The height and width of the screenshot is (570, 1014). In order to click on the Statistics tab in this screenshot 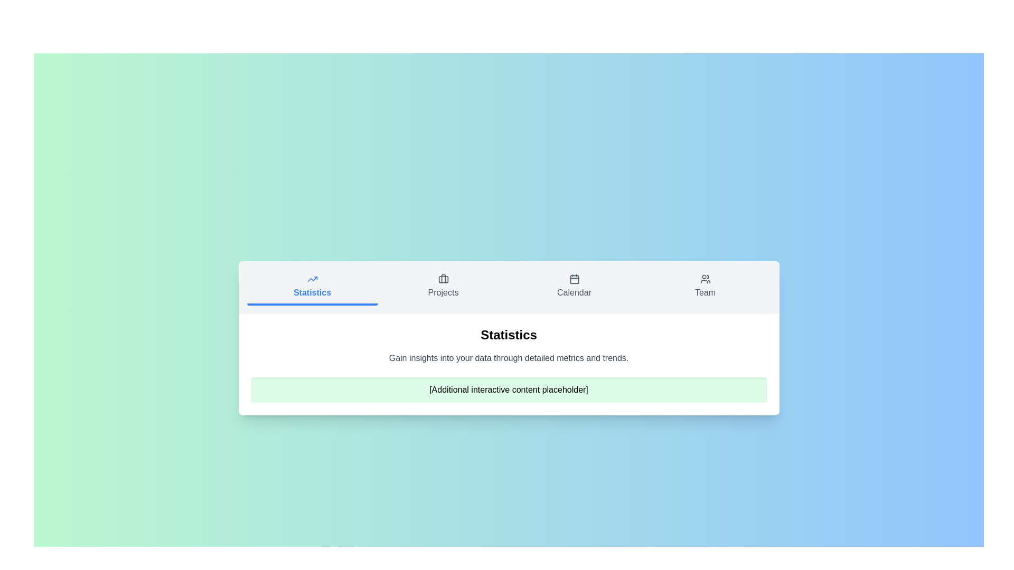, I will do `click(312, 287)`.